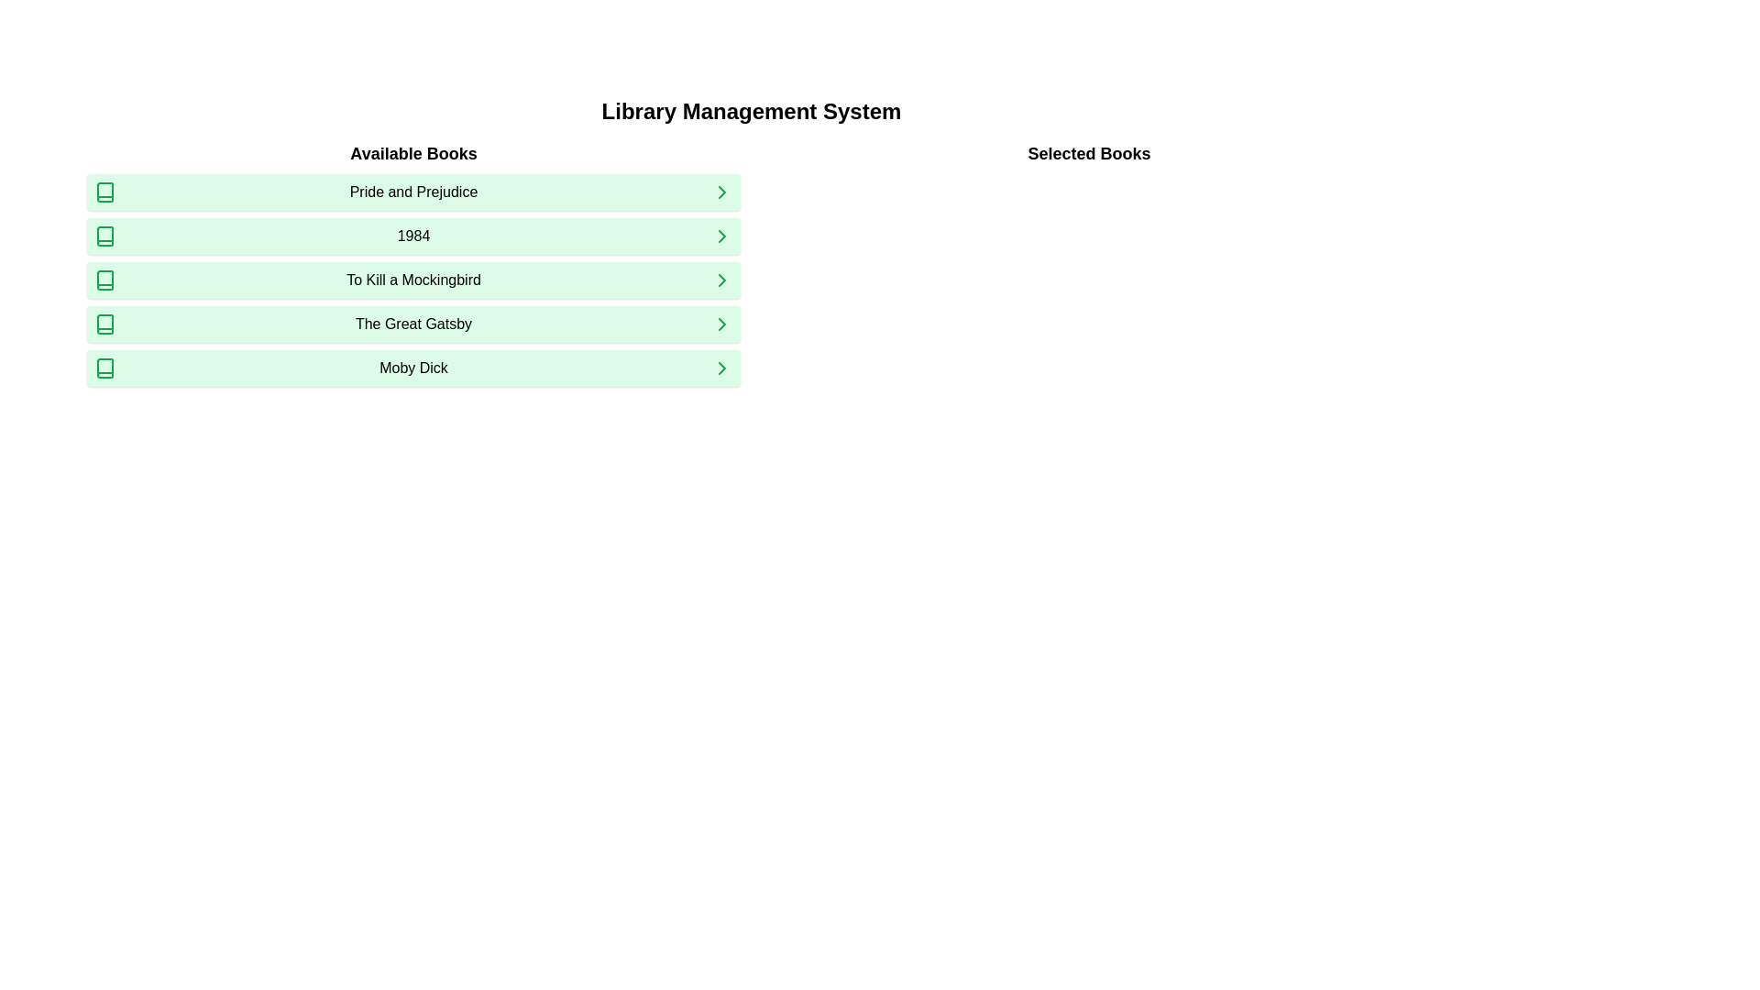 The image size is (1760, 990). I want to click on the chevron icon located at the rightmost end of the entry for 'The Great Gatsby', so click(720, 324).